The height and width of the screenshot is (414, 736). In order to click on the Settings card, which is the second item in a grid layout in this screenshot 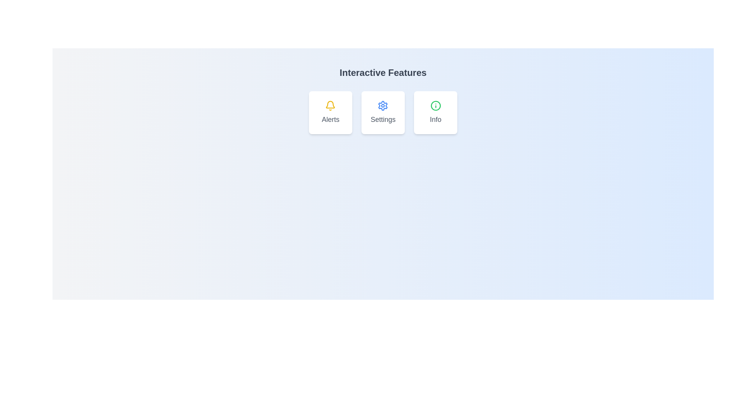, I will do `click(383, 112)`.